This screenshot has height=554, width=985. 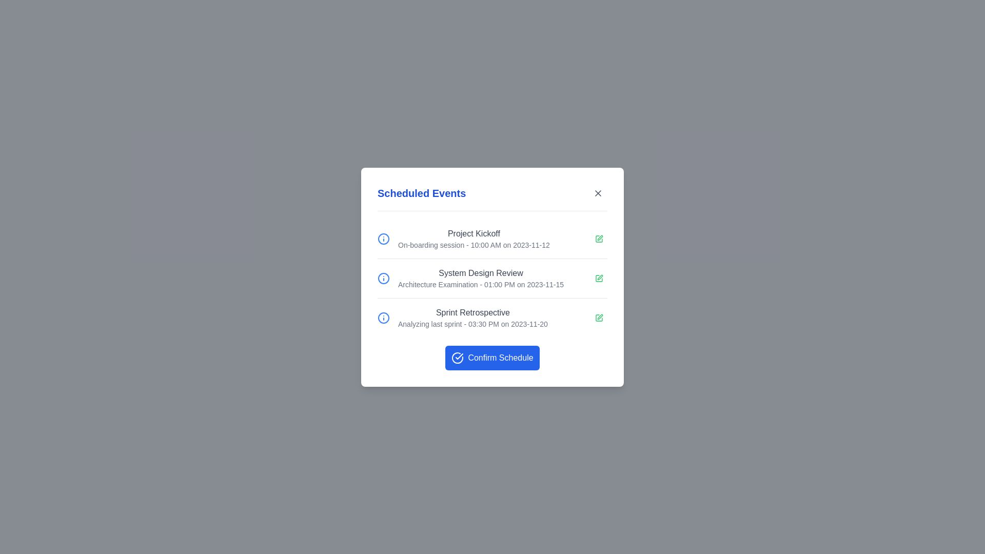 I want to click on close button to close the dialog, so click(x=598, y=193).